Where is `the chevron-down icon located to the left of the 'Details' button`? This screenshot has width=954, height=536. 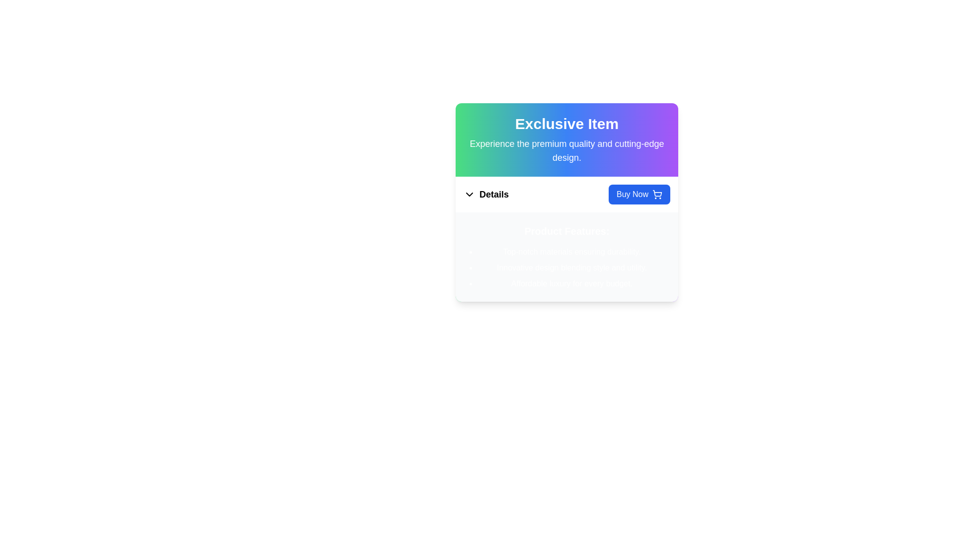
the chevron-down icon located to the left of the 'Details' button is located at coordinates (469, 195).